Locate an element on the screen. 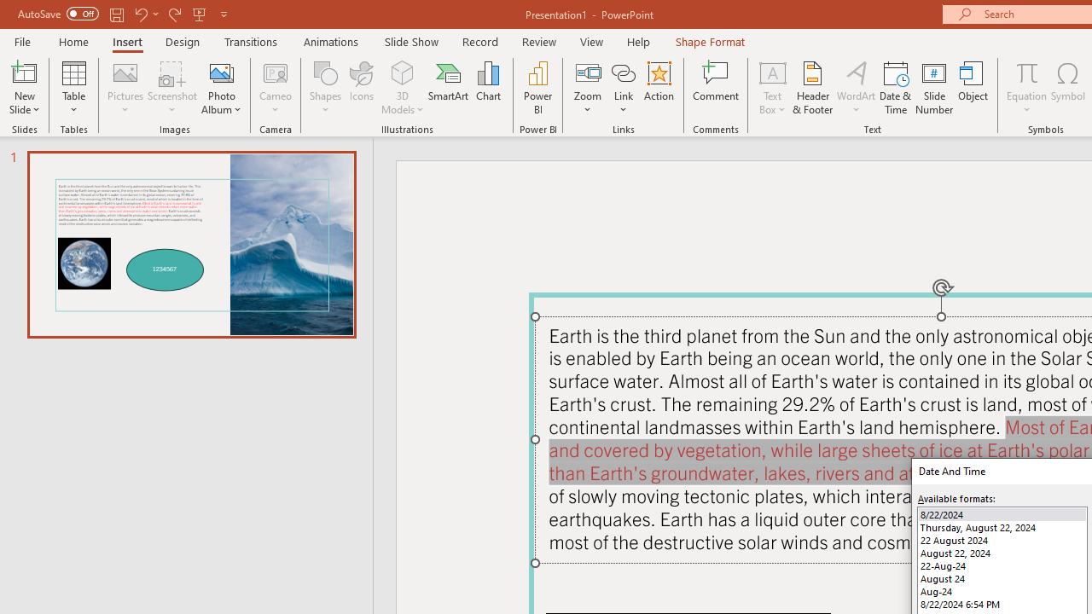 Image resolution: width=1092 pixels, height=614 pixels. 'August 24' is located at coordinates (1002, 577).